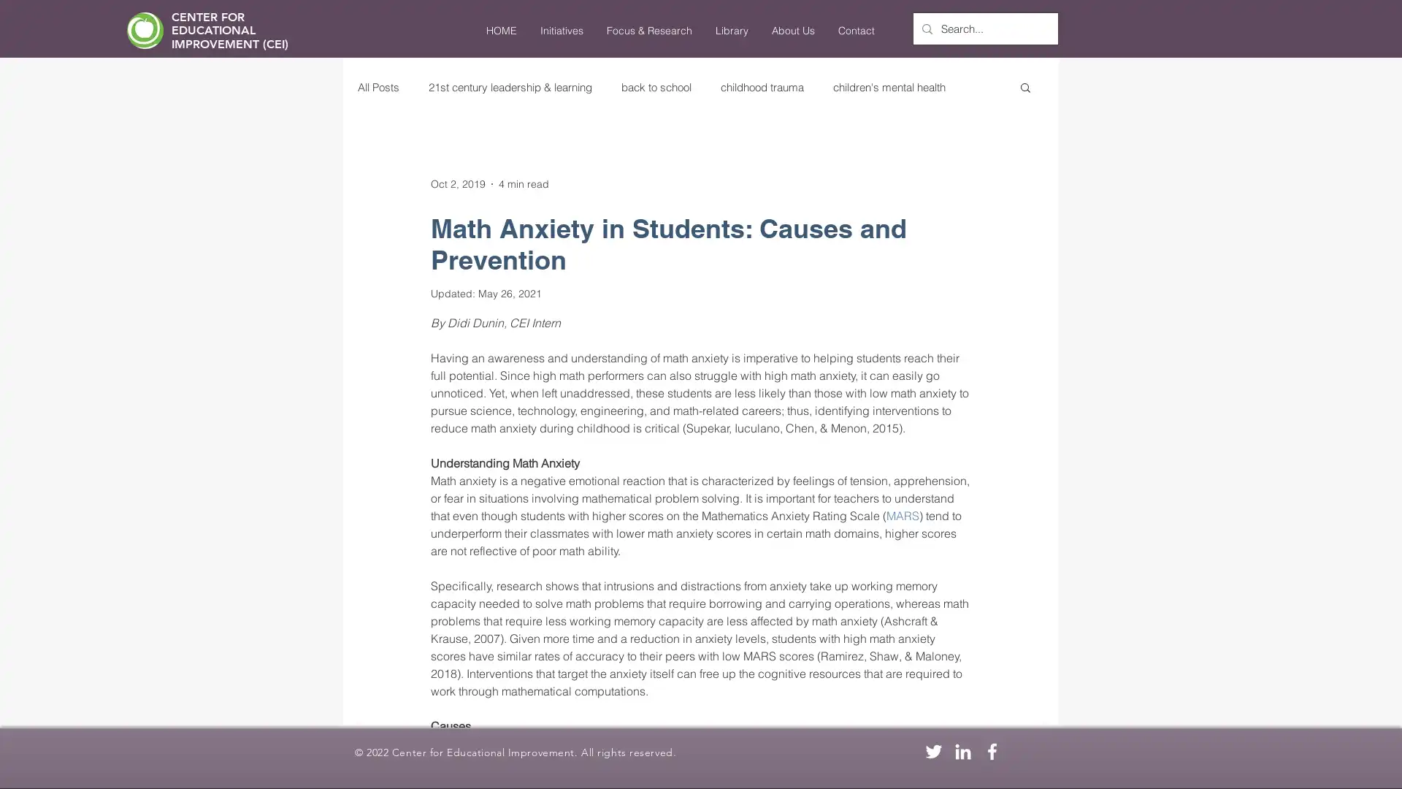  I want to click on back to school, so click(655, 86).